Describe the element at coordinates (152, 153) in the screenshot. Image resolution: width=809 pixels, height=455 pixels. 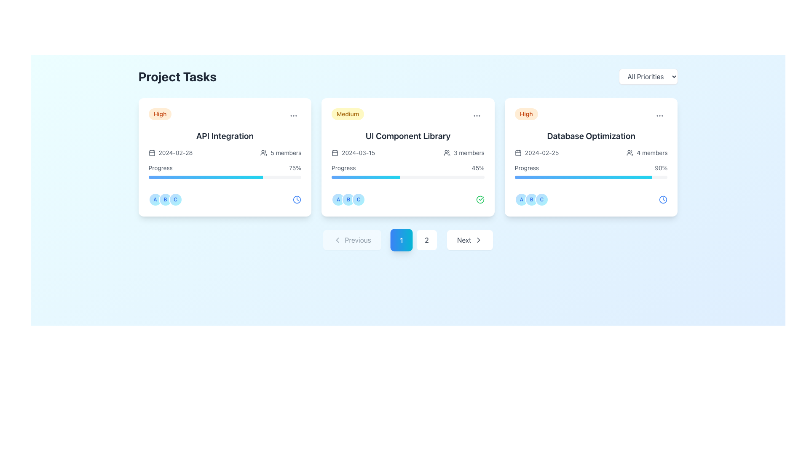
I see `the small calendar icon with a layered design located beside the text '2024-02-28' in the card titled 'API Integration'` at that location.